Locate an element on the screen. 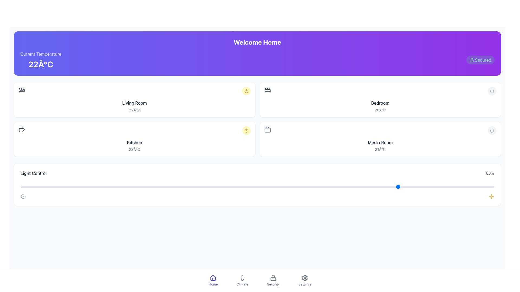 This screenshot has width=520, height=292. the slider is located at coordinates (437, 186).